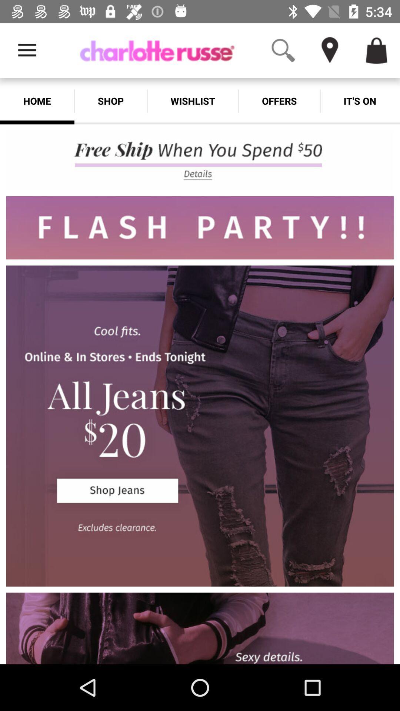 The width and height of the screenshot is (400, 711). I want to click on item next to offers app, so click(360, 101).